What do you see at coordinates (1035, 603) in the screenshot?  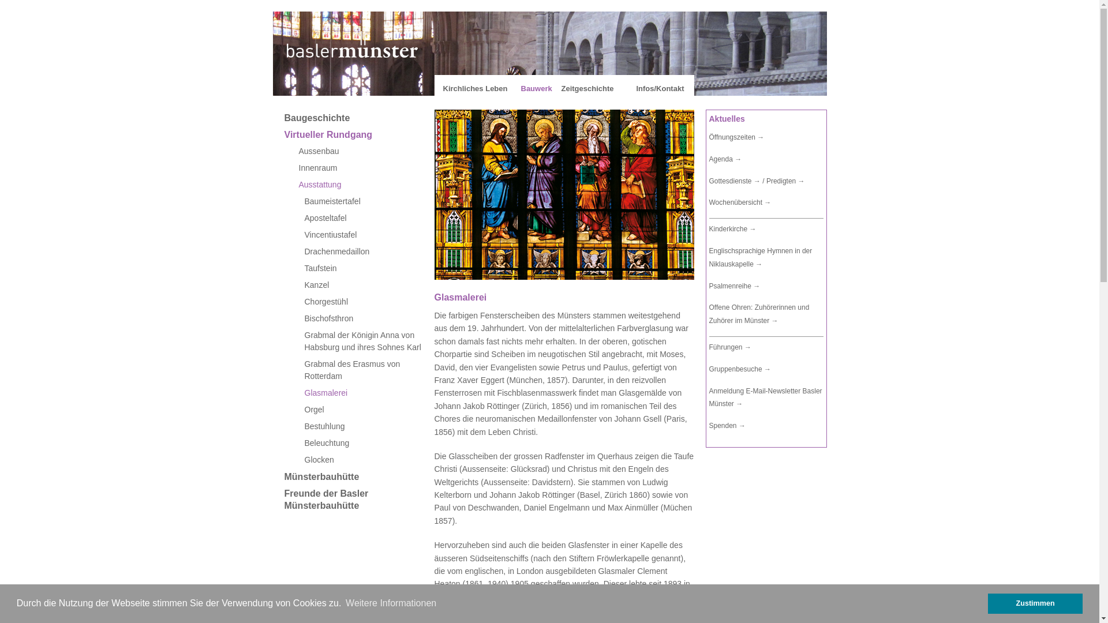 I see `'Zustimmen'` at bounding box center [1035, 603].